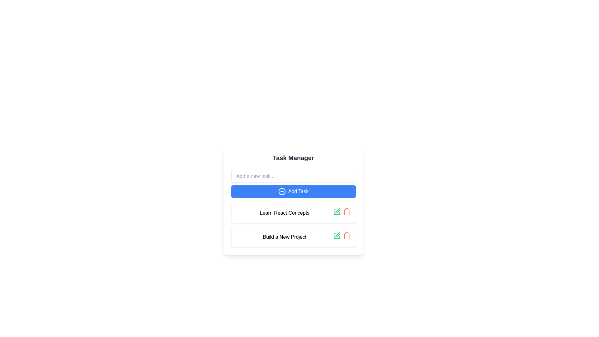 This screenshot has width=599, height=337. Describe the element at coordinates (293, 191) in the screenshot. I see `the button located below the 'Add a new task...' input field` at that location.